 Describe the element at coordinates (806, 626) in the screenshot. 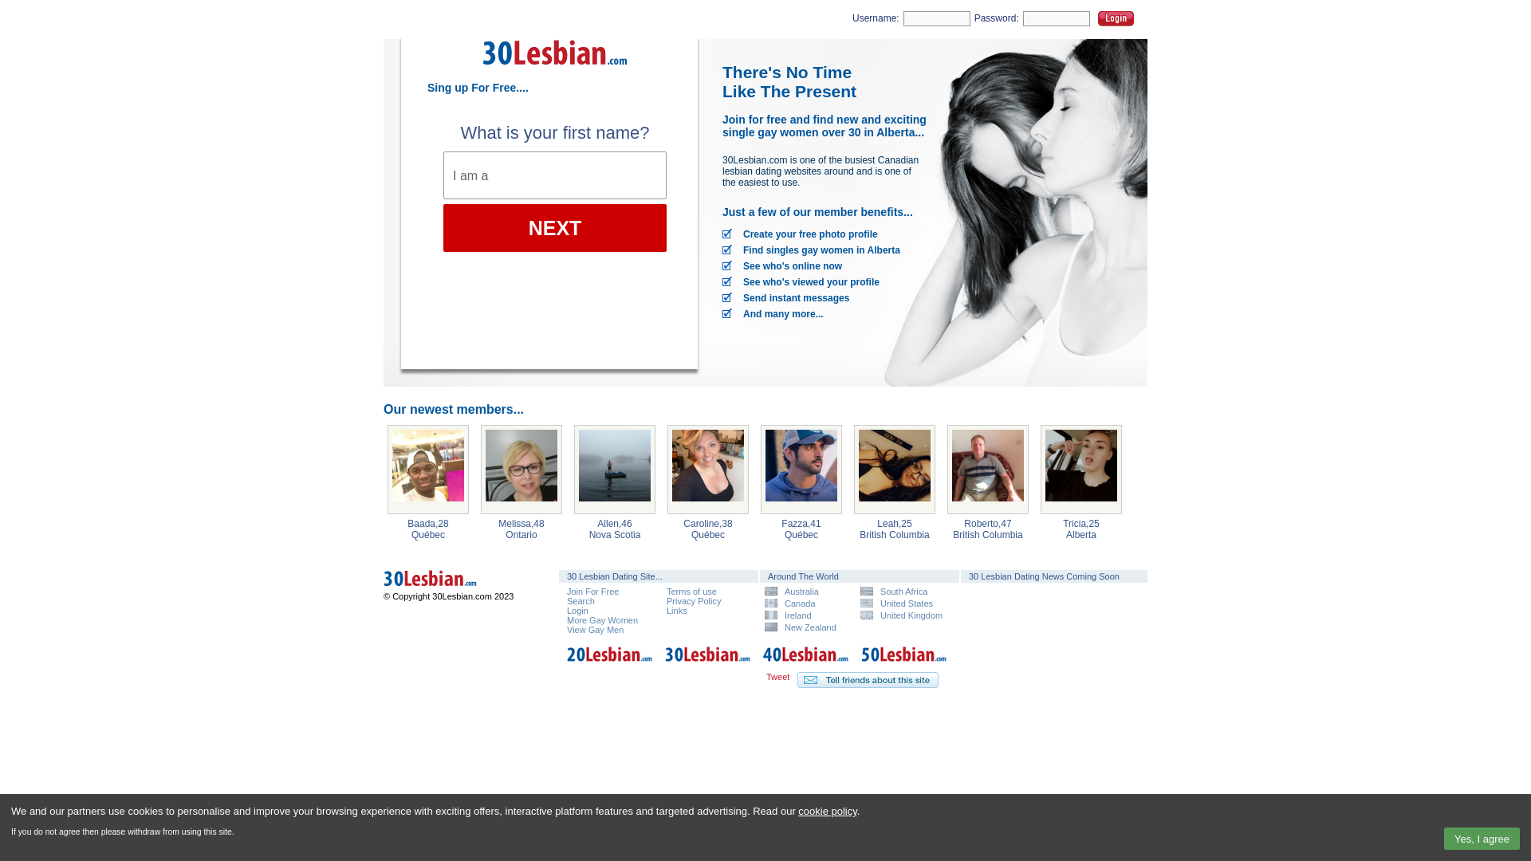

I see `'New Zealand'` at that location.